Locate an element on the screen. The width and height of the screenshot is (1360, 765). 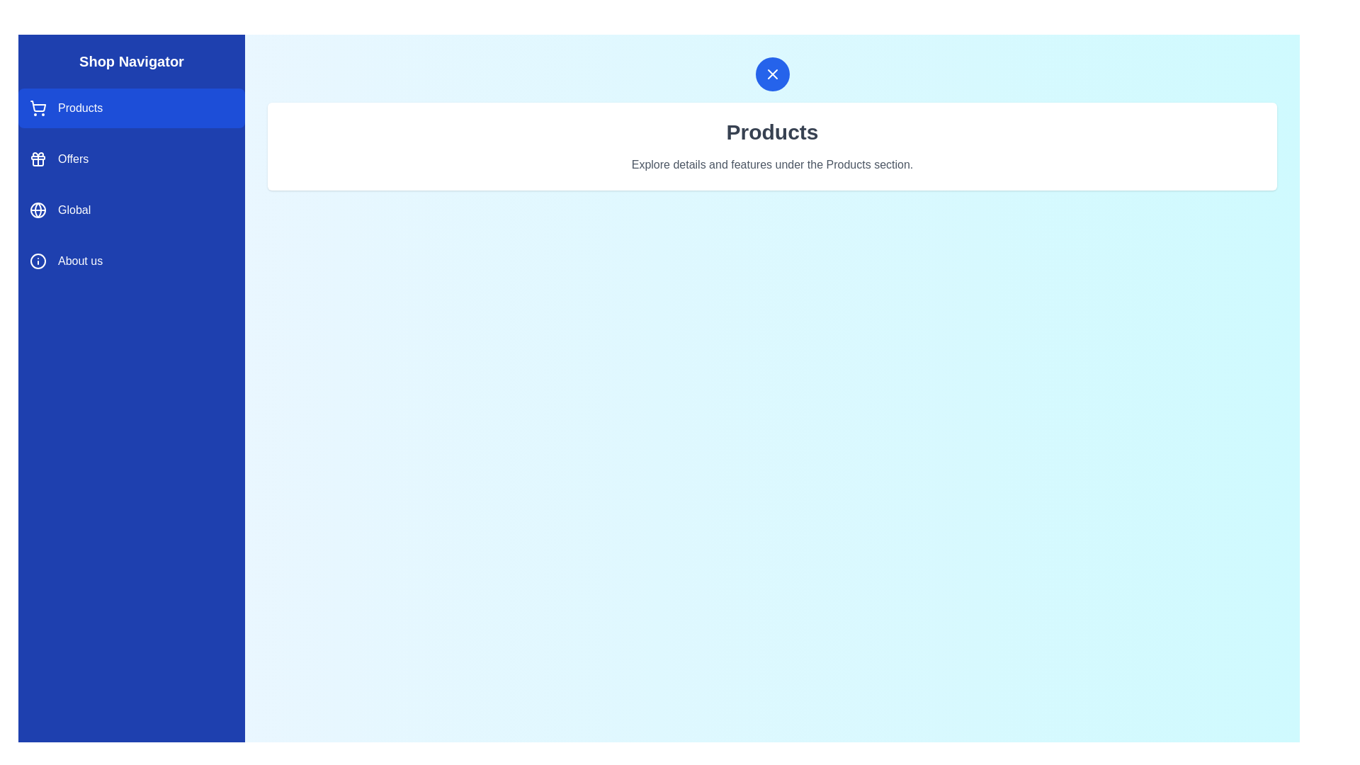
the section title 'Products' to interact with it is located at coordinates (771, 132).